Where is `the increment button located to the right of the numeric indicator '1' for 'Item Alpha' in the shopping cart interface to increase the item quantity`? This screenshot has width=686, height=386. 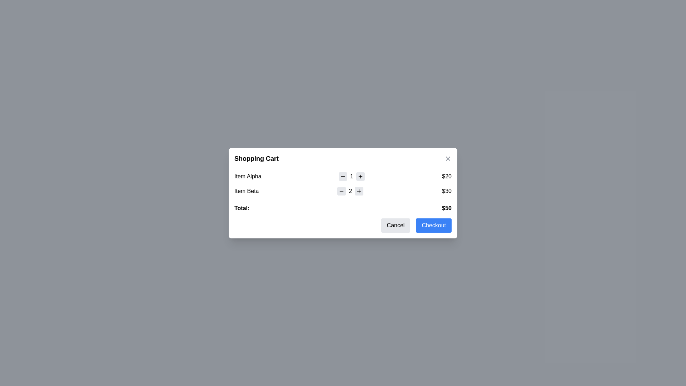 the increment button located to the right of the numeric indicator '1' for 'Item Alpha' in the shopping cart interface to increase the item quantity is located at coordinates (360, 176).